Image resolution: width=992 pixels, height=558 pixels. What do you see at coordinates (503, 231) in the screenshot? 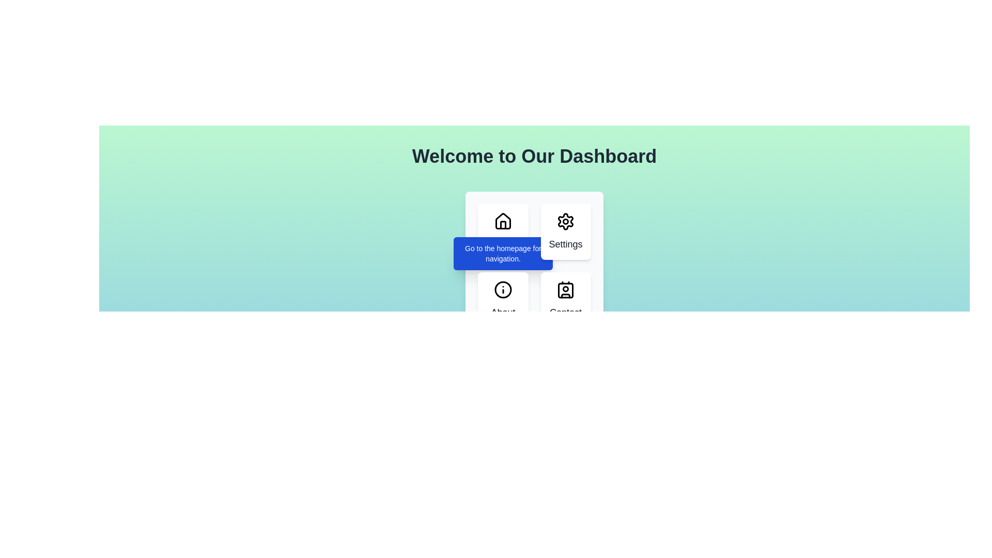
I see `the clickable card element labeled 'Home' that features a house icon and is styled in a minimalistic design with rounded corners` at bounding box center [503, 231].